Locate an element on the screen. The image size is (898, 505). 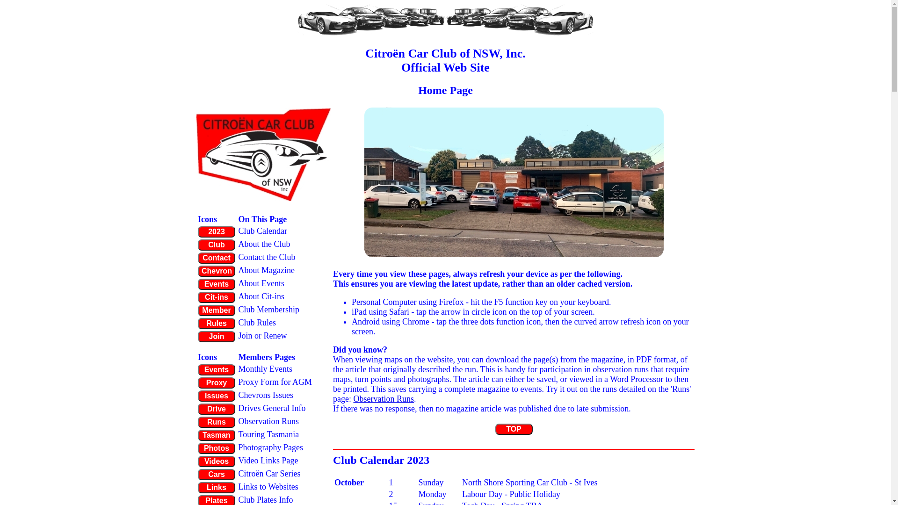
'Club' is located at coordinates (197, 245).